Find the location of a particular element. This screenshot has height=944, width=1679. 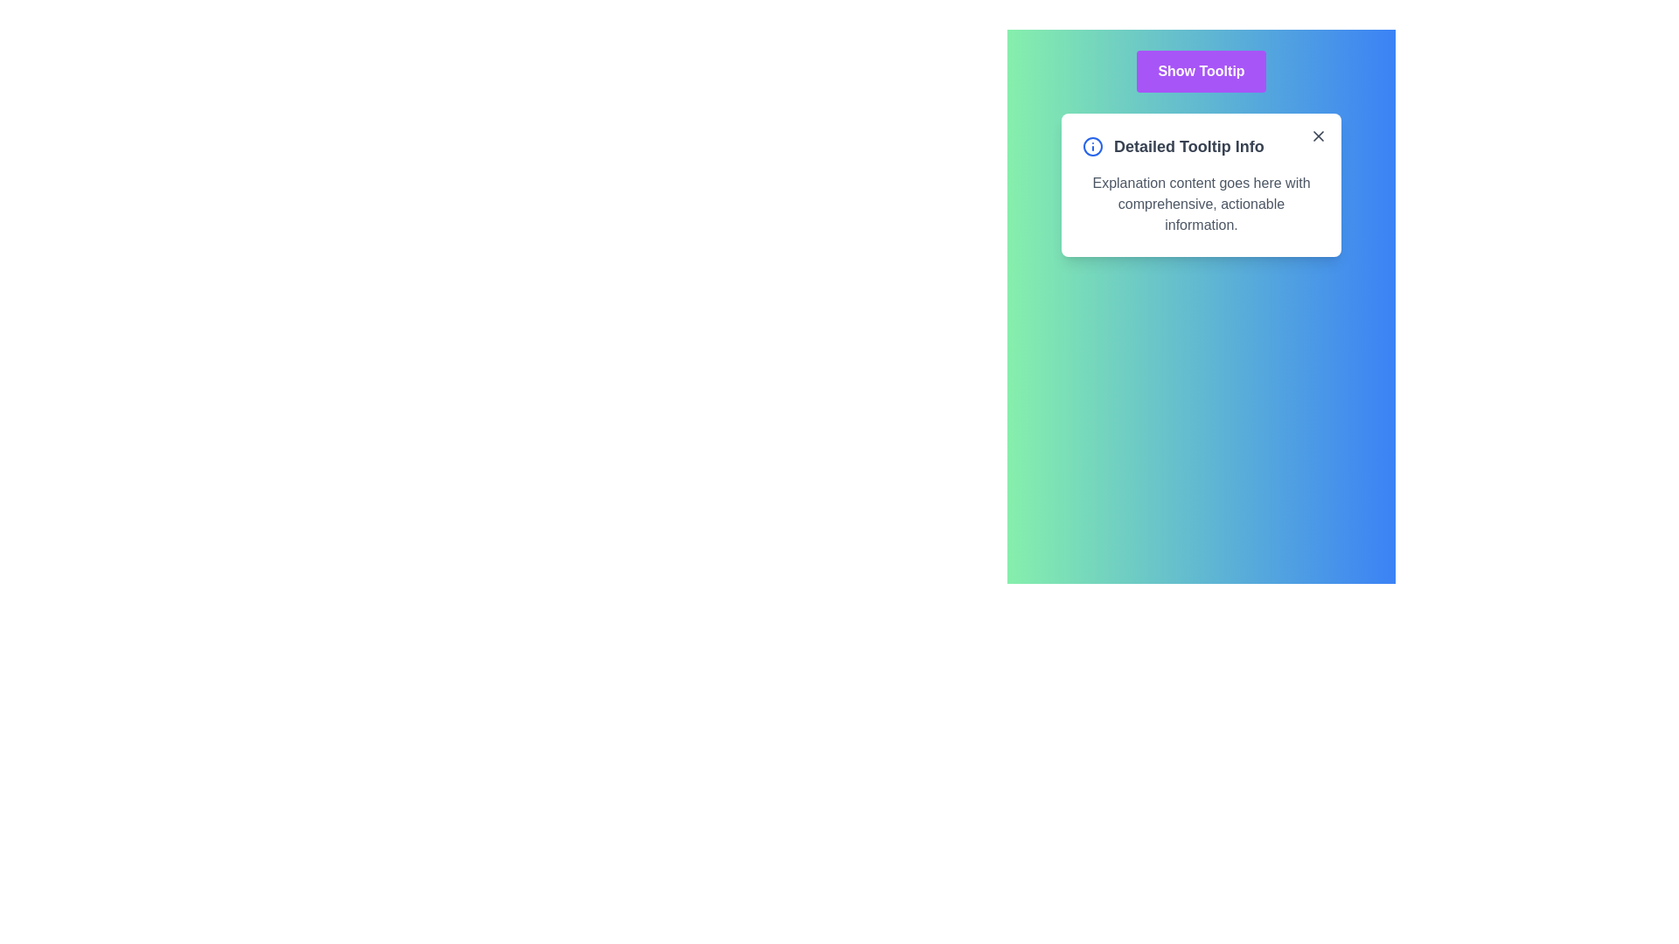

the small cross-shaped icon with a dark outline located in the top-right corner of the tooltip box is located at coordinates (1318, 135).